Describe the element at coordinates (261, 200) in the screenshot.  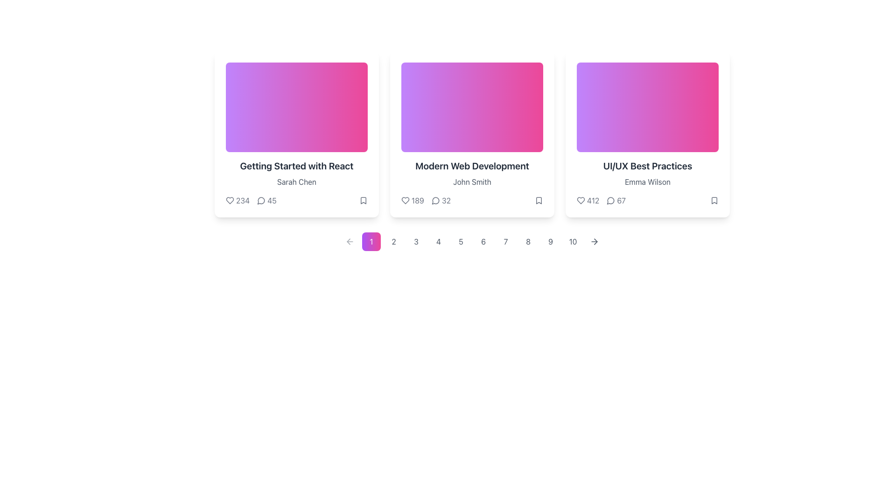
I see `the comment indicator icon located beneath the 'Getting Started with React' card, which shows the number of comments (45) in the first column of the grid` at that location.